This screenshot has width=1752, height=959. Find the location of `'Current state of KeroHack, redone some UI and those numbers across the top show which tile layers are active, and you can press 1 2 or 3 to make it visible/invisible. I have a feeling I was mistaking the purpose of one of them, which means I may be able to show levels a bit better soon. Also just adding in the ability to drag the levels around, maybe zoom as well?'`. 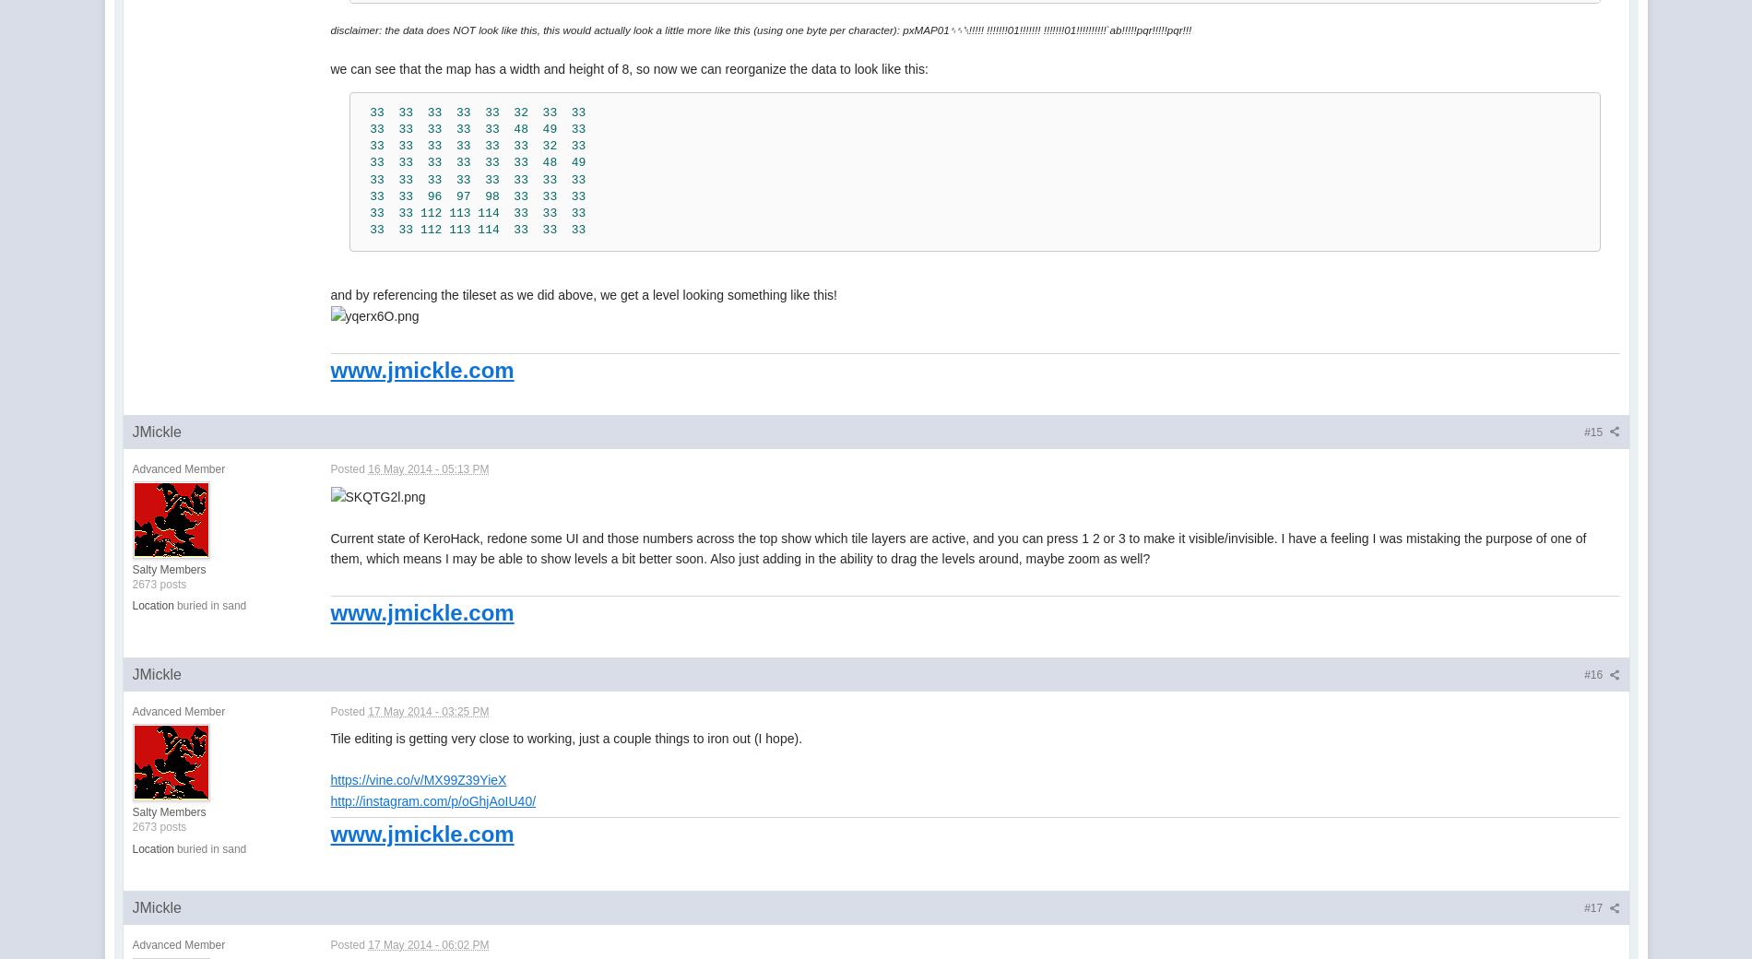

'Current state of KeroHack, redone some UI and those numbers across the top show which tile layers are active, and you can press 1 2 or 3 to make it visible/invisible. I have a feeling I was mistaking the purpose of one of them, which means I may be able to show levels a bit better soon. Also just adding in the ability to drag the levels around, maybe zoom as well?' is located at coordinates (957, 547).